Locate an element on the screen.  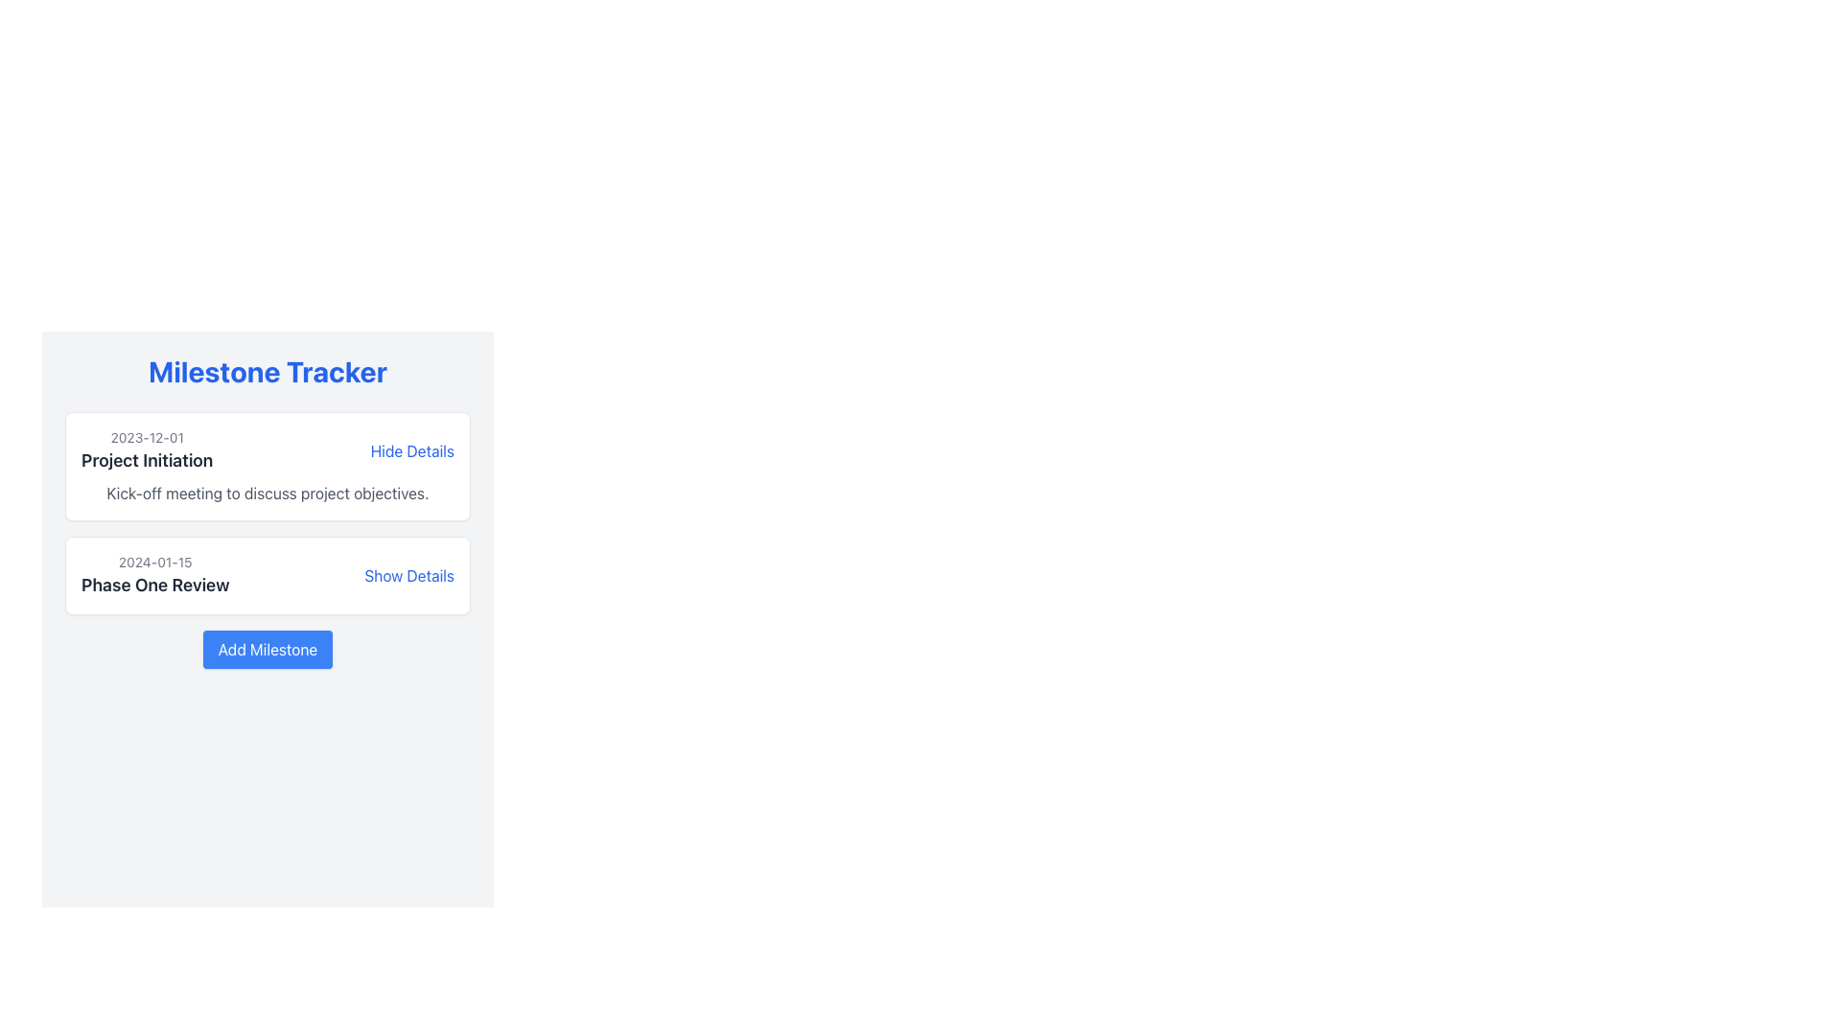
the text label displaying 'Kick-off meeting to discuss project objectives.' located below the section title 'Project Initiation' is located at coordinates (267, 493).